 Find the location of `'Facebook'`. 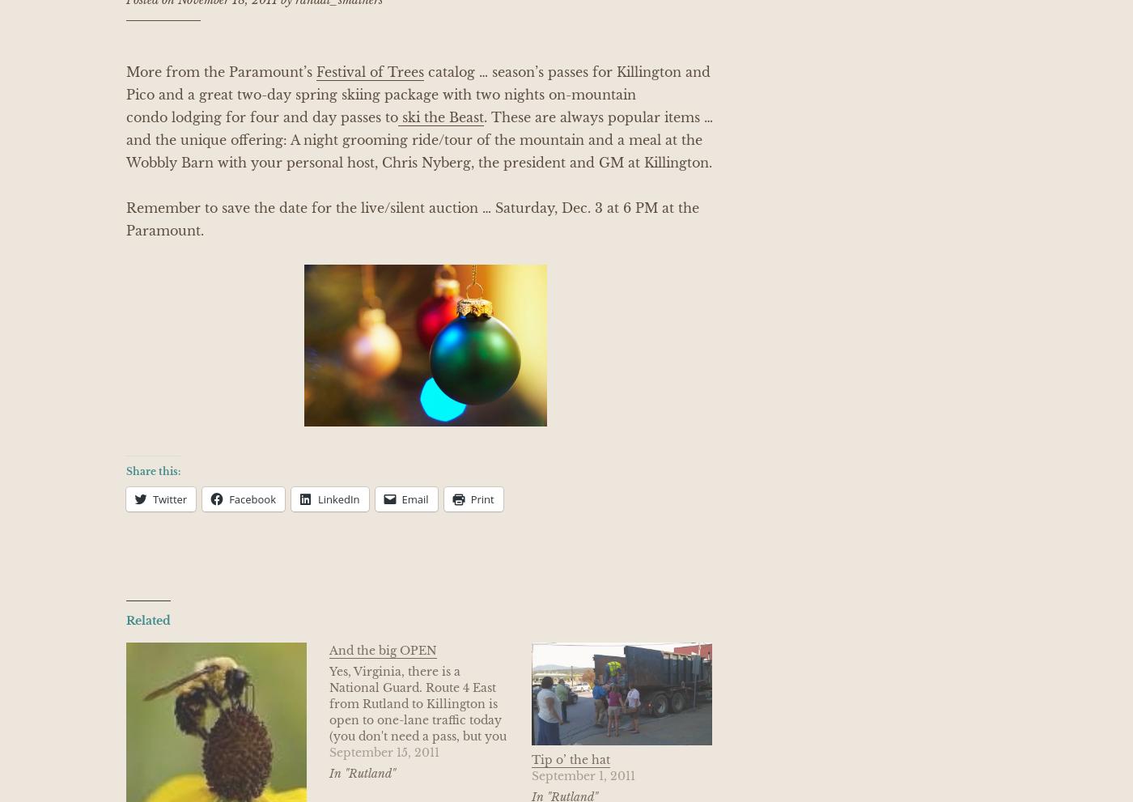

'Facebook' is located at coordinates (252, 499).